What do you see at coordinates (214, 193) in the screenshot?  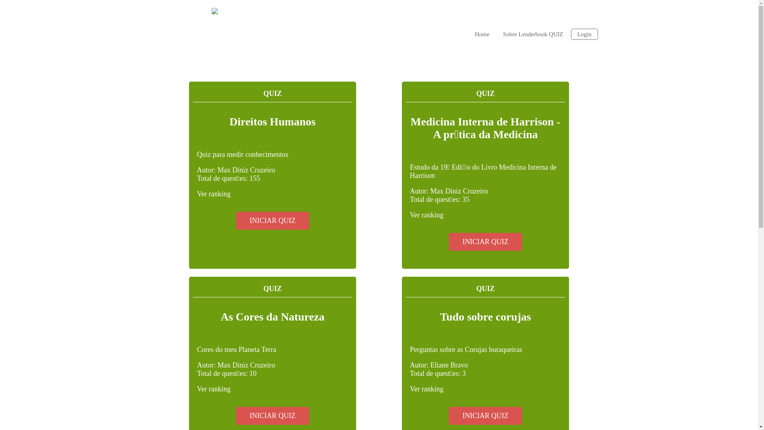 I see `'Ver ranking'` at bounding box center [214, 193].